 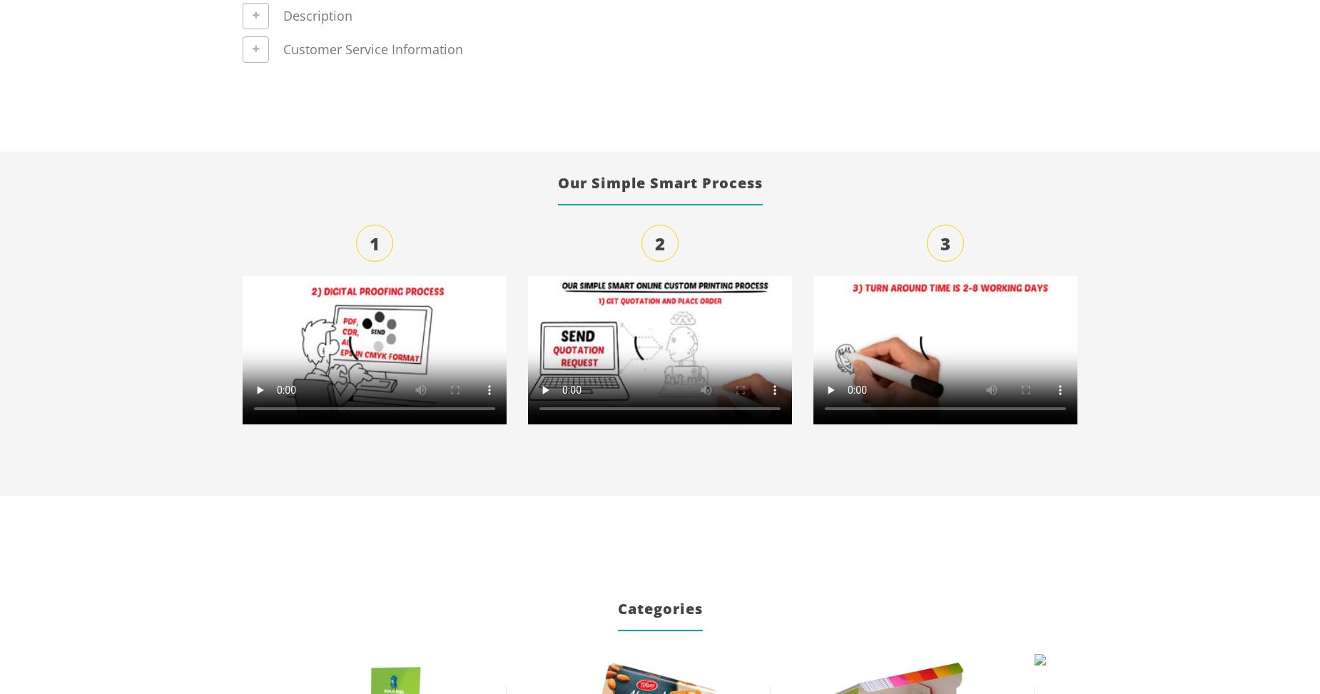 What do you see at coordinates (375, 243) in the screenshot?
I see `'1'` at bounding box center [375, 243].